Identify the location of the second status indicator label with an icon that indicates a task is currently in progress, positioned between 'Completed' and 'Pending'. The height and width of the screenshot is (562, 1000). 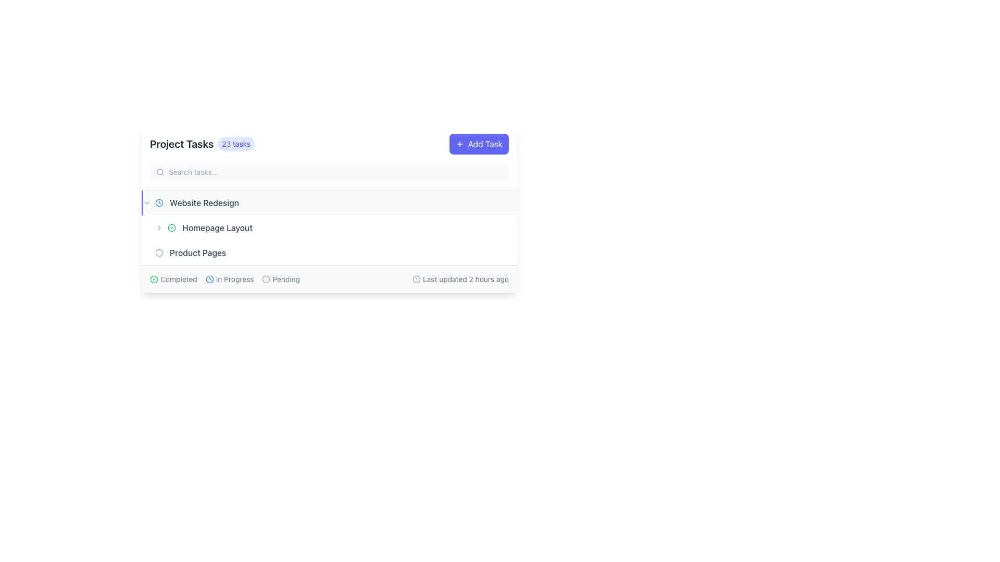
(229, 278).